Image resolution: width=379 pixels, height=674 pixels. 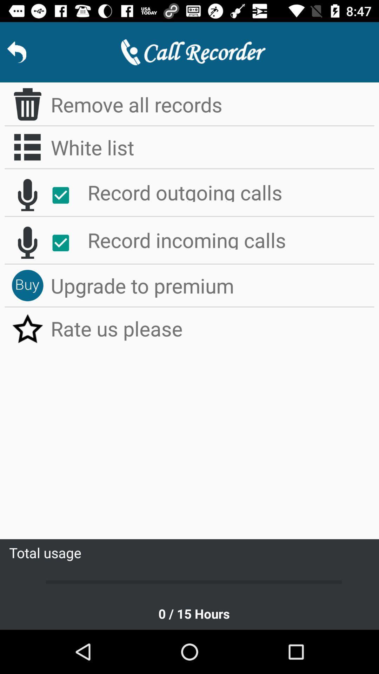 What do you see at coordinates (27, 104) in the screenshot?
I see `delete all` at bounding box center [27, 104].